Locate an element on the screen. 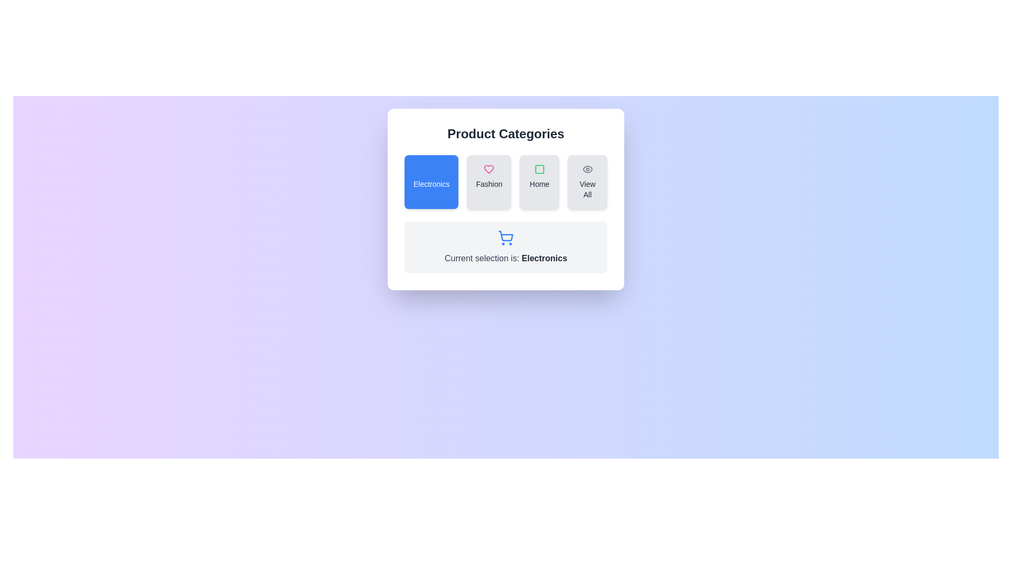 This screenshot has width=1014, height=570. the heart icon with a pink border and transparent interior, which represents a 'like' or 'favorite' action is located at coordinates (489, 168).